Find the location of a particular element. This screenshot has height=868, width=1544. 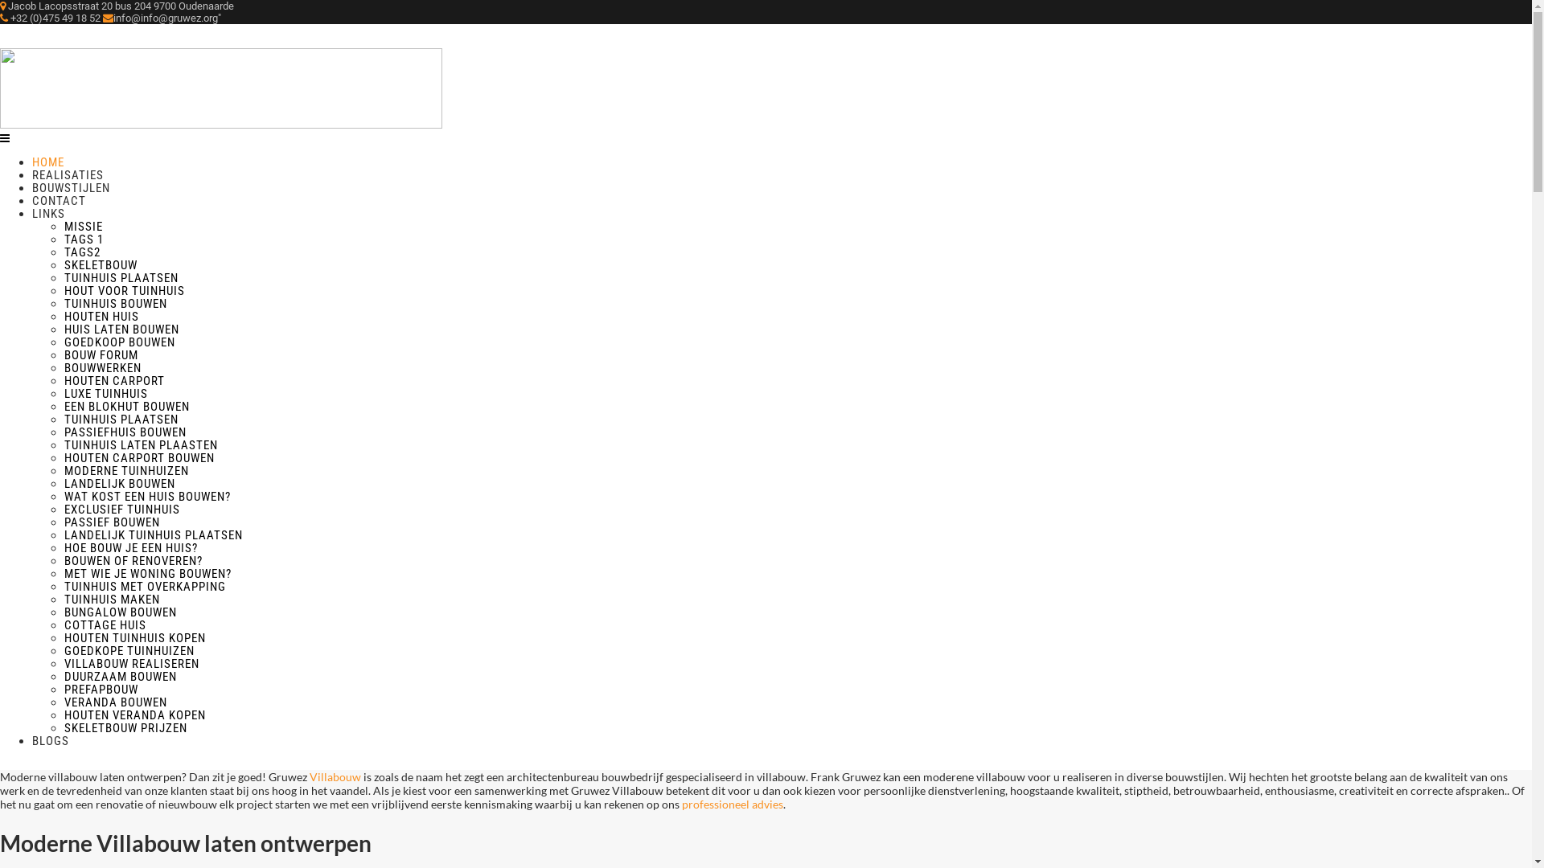

'EEN BLOKHUT BOUWEN' is located at coordinates (64, 405).